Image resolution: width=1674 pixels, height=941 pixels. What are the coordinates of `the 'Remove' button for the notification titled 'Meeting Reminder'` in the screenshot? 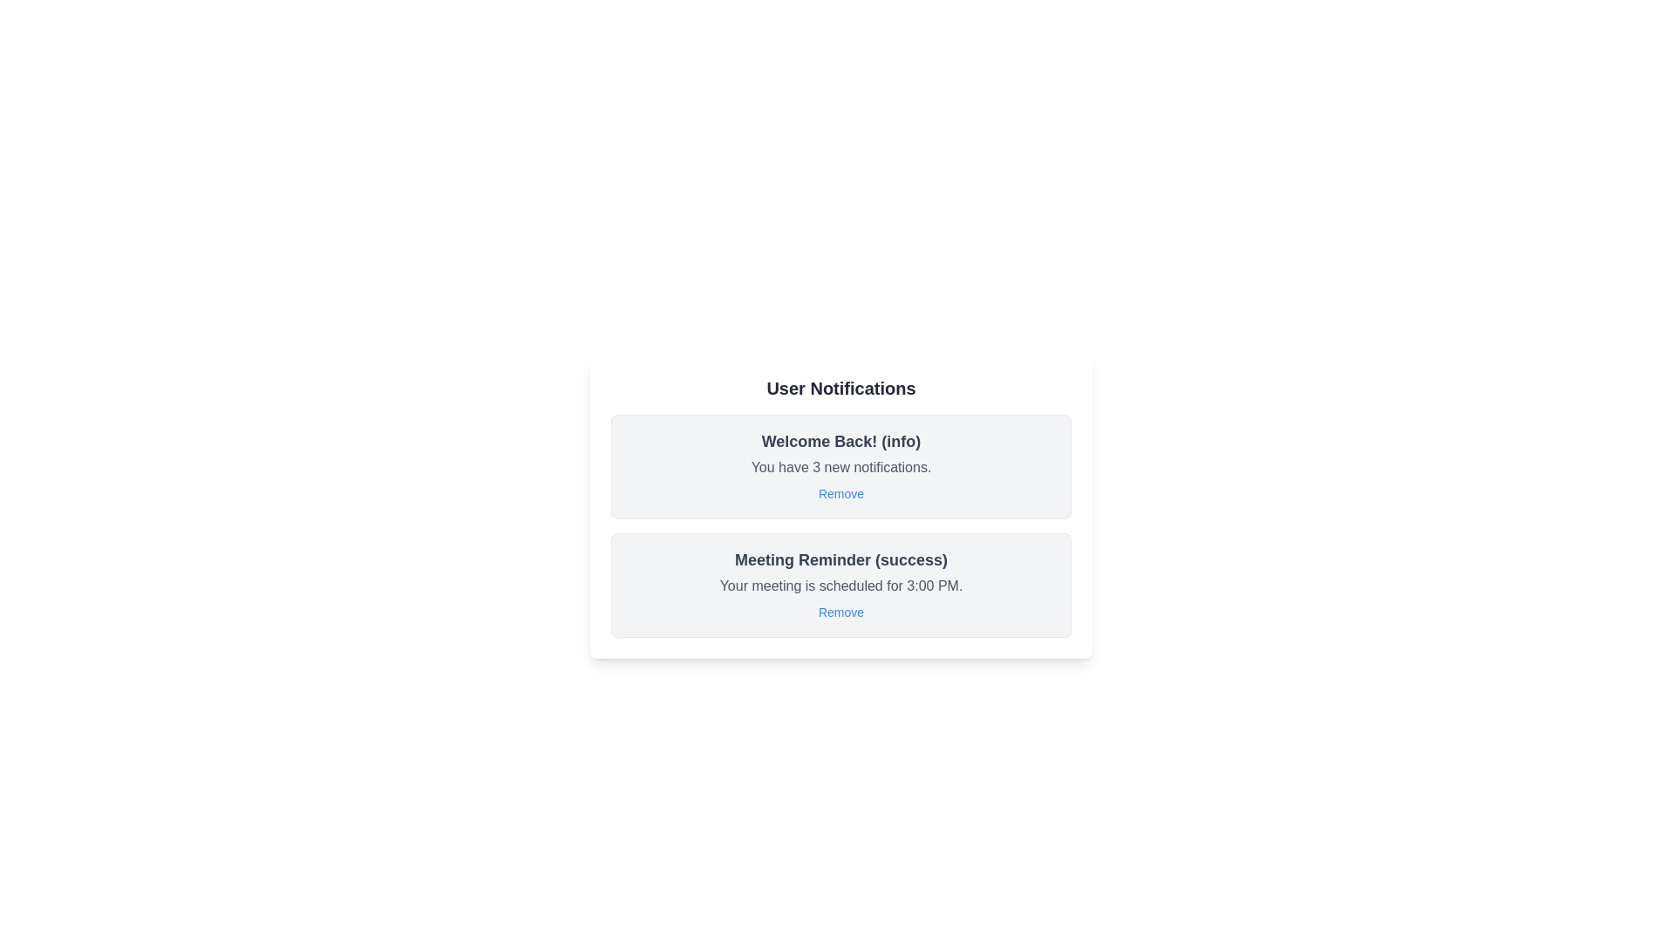 It's located at (840, 611).